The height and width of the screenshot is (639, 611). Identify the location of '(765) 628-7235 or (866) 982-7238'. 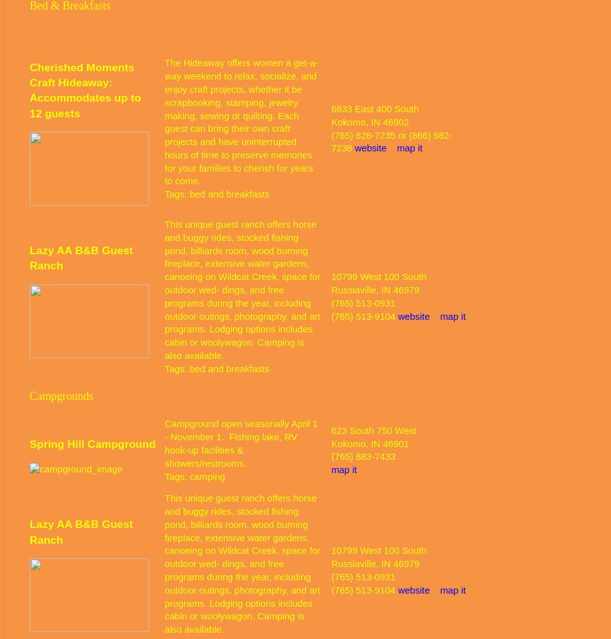
(391, 141).